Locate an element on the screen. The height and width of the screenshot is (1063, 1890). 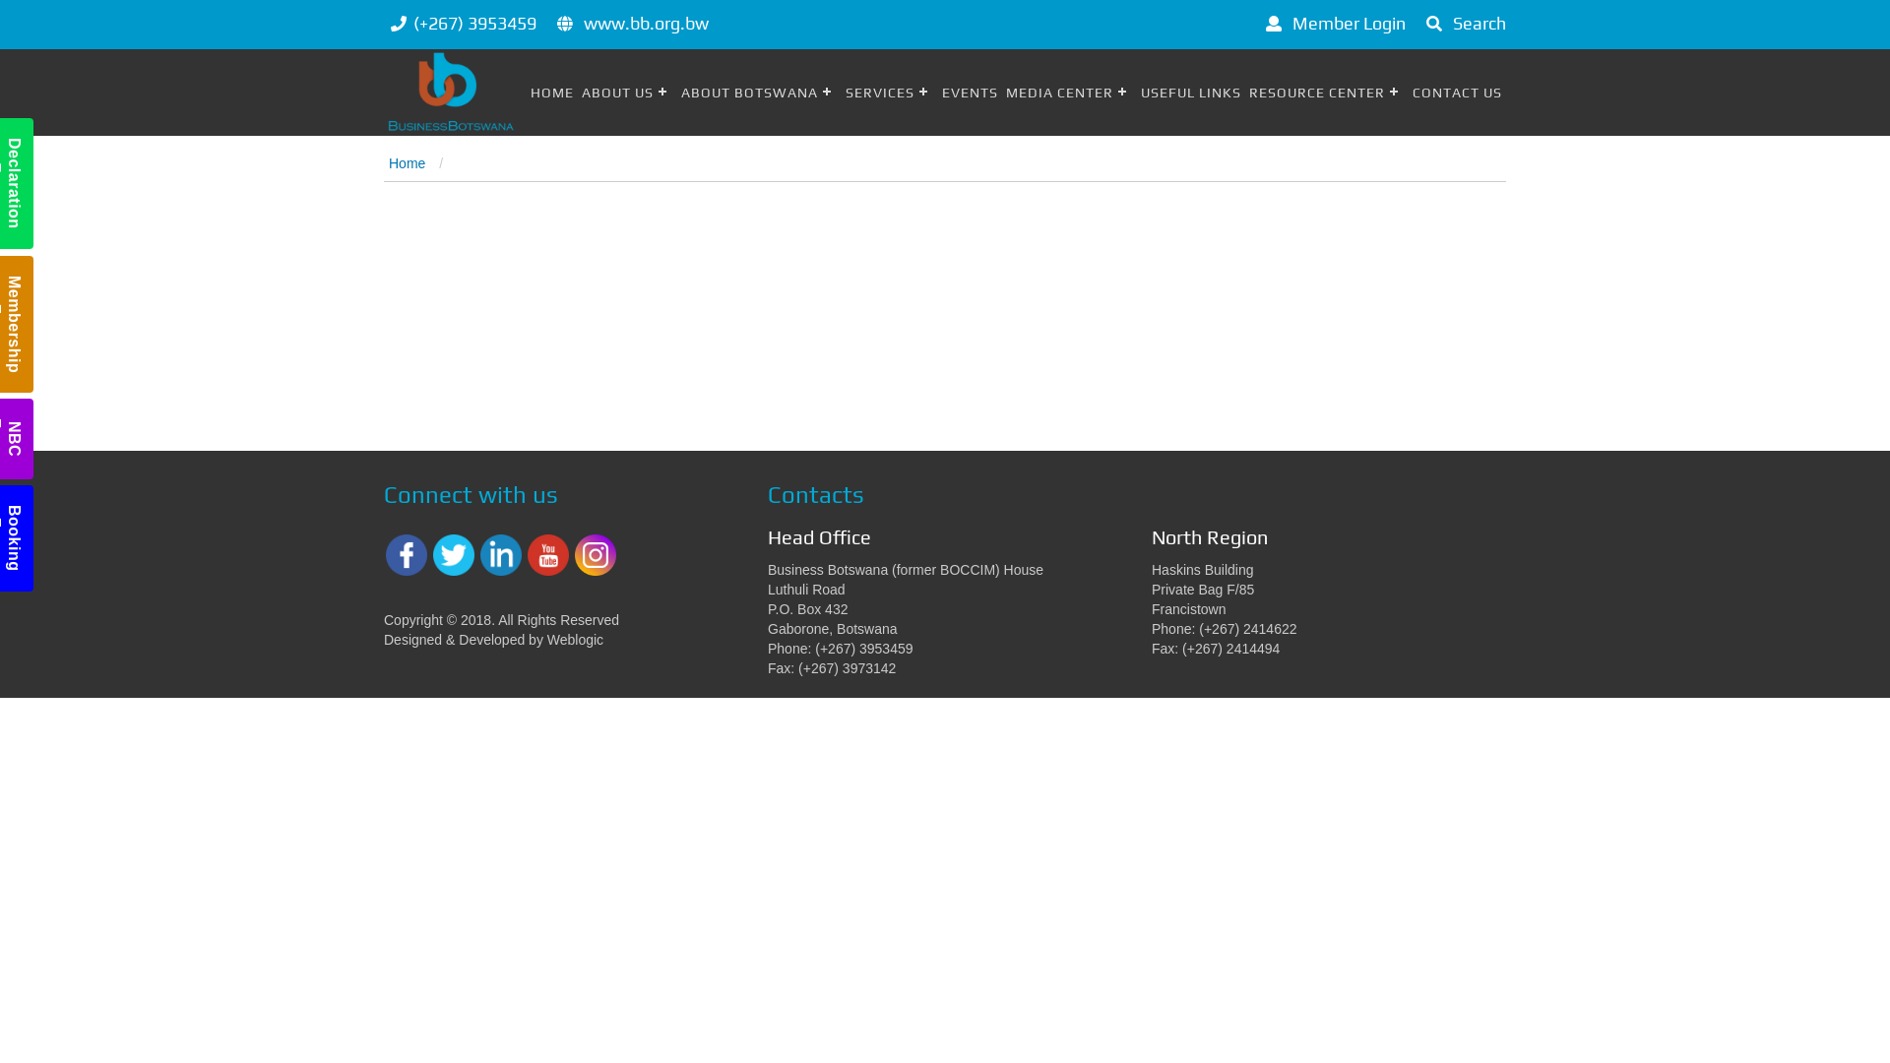
'Member Login' is located at coordinates (1257, 23).